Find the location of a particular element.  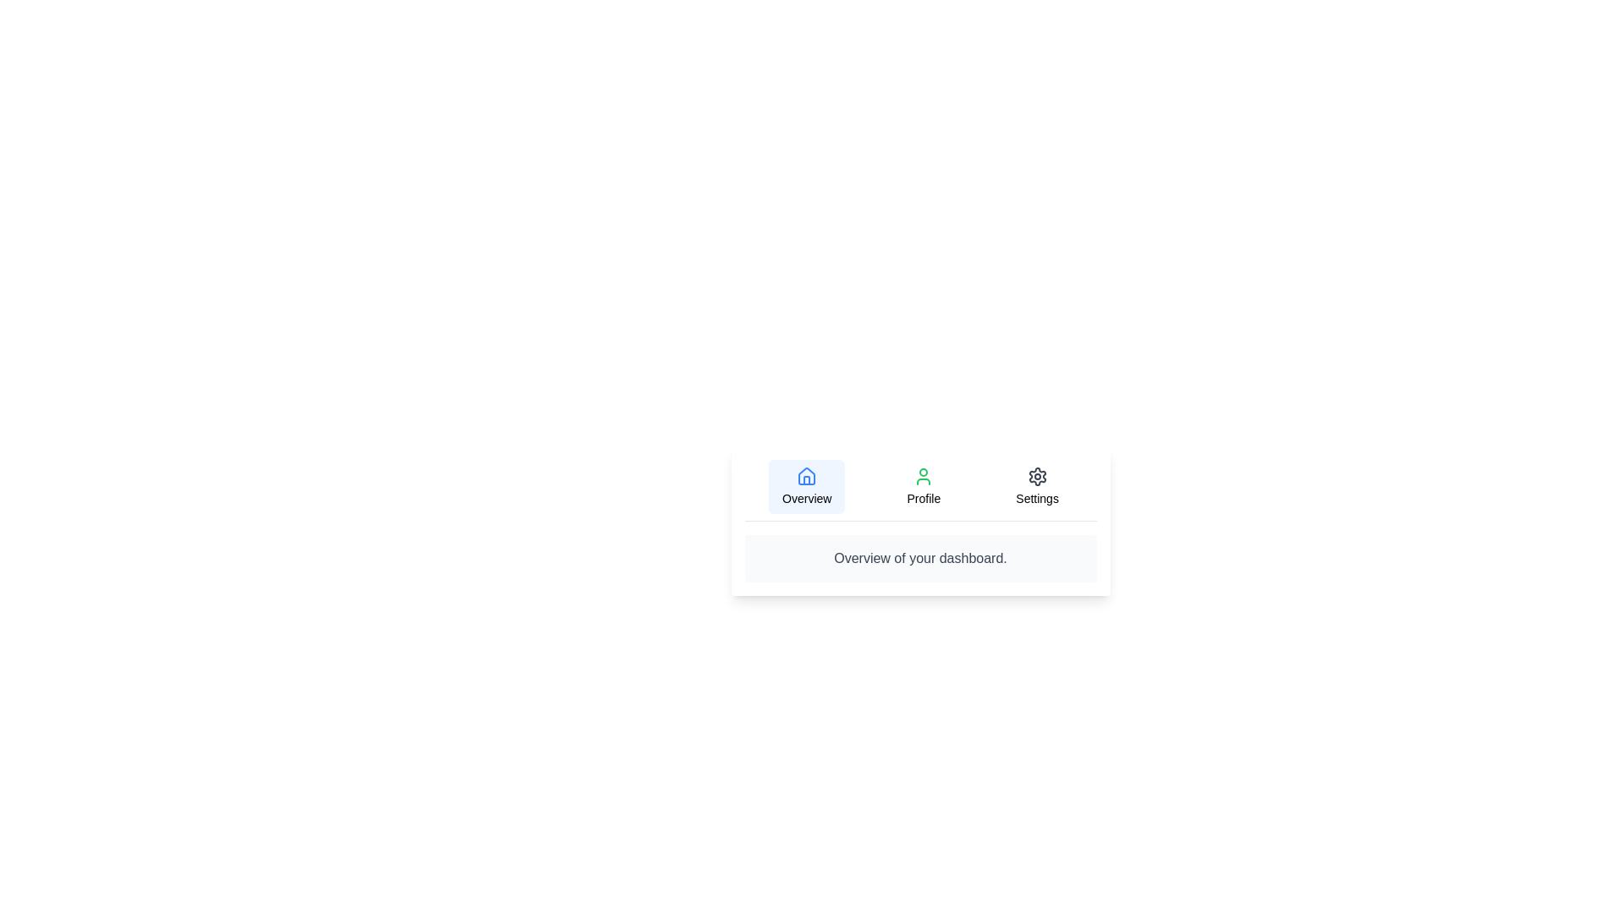

the Settings tab to preview its interactive state is located at coordinates (1036, 486).